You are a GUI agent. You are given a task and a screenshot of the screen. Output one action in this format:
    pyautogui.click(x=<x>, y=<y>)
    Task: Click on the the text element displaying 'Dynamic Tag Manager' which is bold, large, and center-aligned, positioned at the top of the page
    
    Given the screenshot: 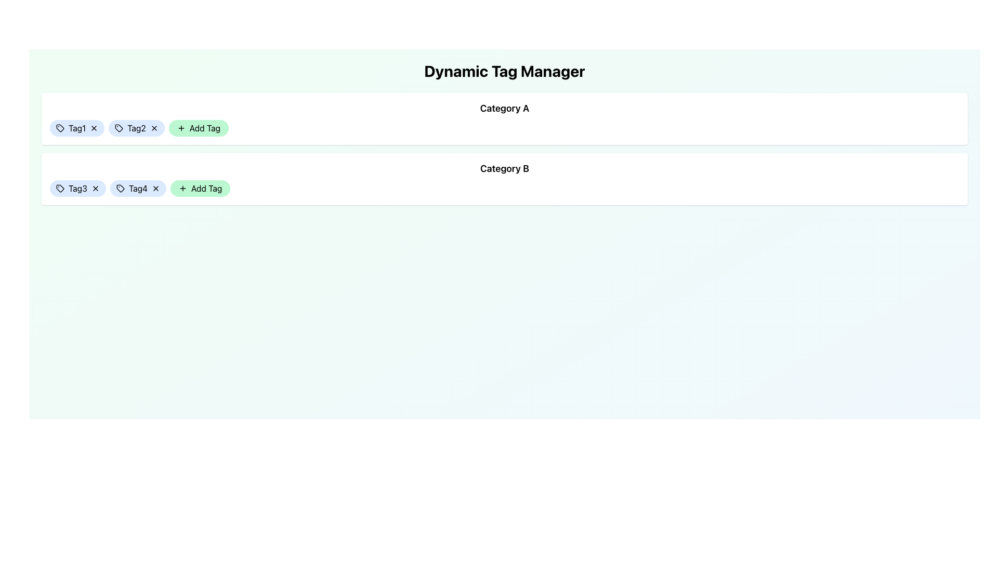 What is the action you would take?
    pyautogui.click(x=504, y=71)
    